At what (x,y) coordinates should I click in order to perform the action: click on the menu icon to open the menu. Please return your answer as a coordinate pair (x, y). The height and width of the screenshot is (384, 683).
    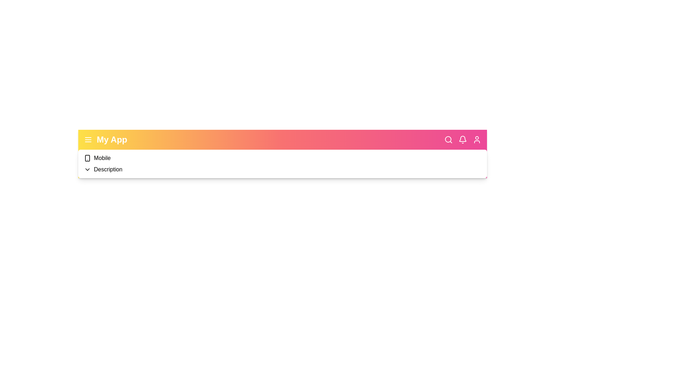
    Looking at the image, I should click on (88, 140).